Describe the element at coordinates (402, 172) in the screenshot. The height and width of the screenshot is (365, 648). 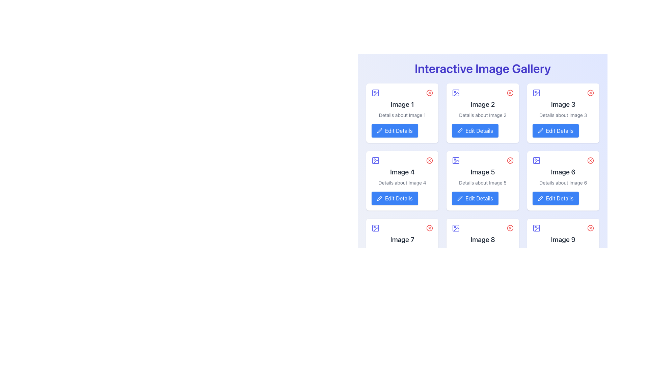
I see `the static text label displaying 'Image 4', which is located in the center of the card layout beneath the image icon in the second row of the grid` at that location.